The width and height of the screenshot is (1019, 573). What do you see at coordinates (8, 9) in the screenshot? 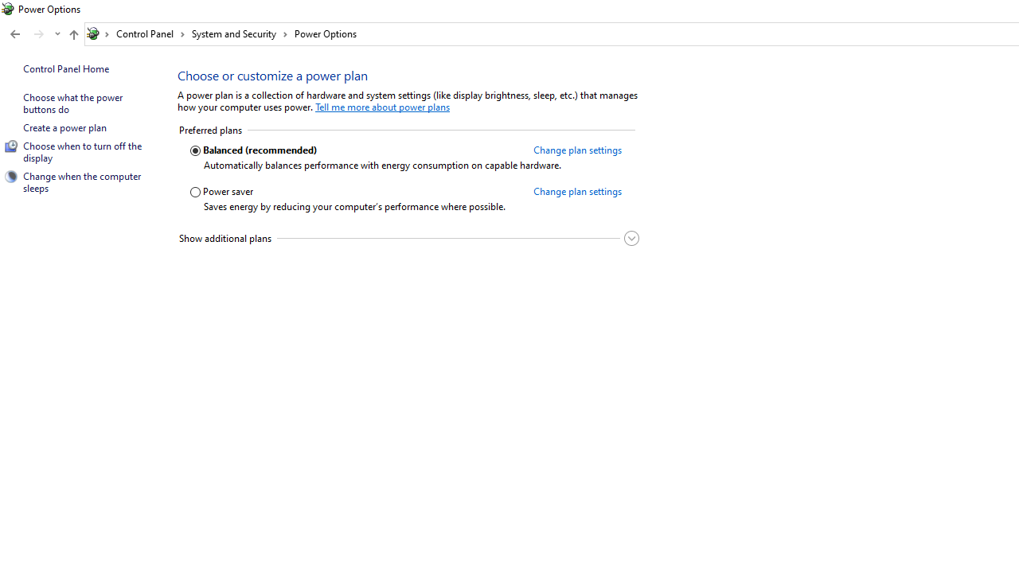
I see `'System'` at bounding box center [8, 9].